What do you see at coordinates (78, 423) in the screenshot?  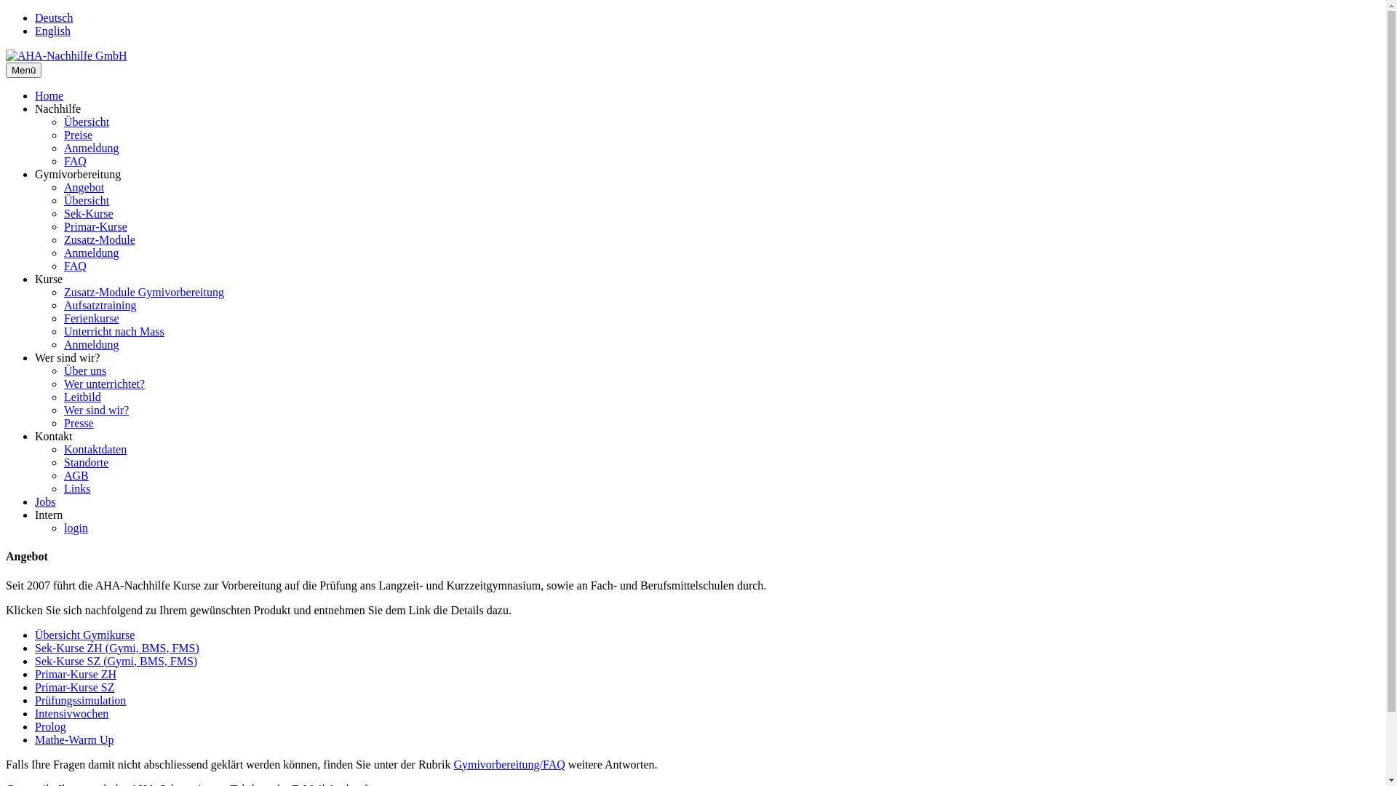 I see `'Presse'` at bounding box center [78, 423].